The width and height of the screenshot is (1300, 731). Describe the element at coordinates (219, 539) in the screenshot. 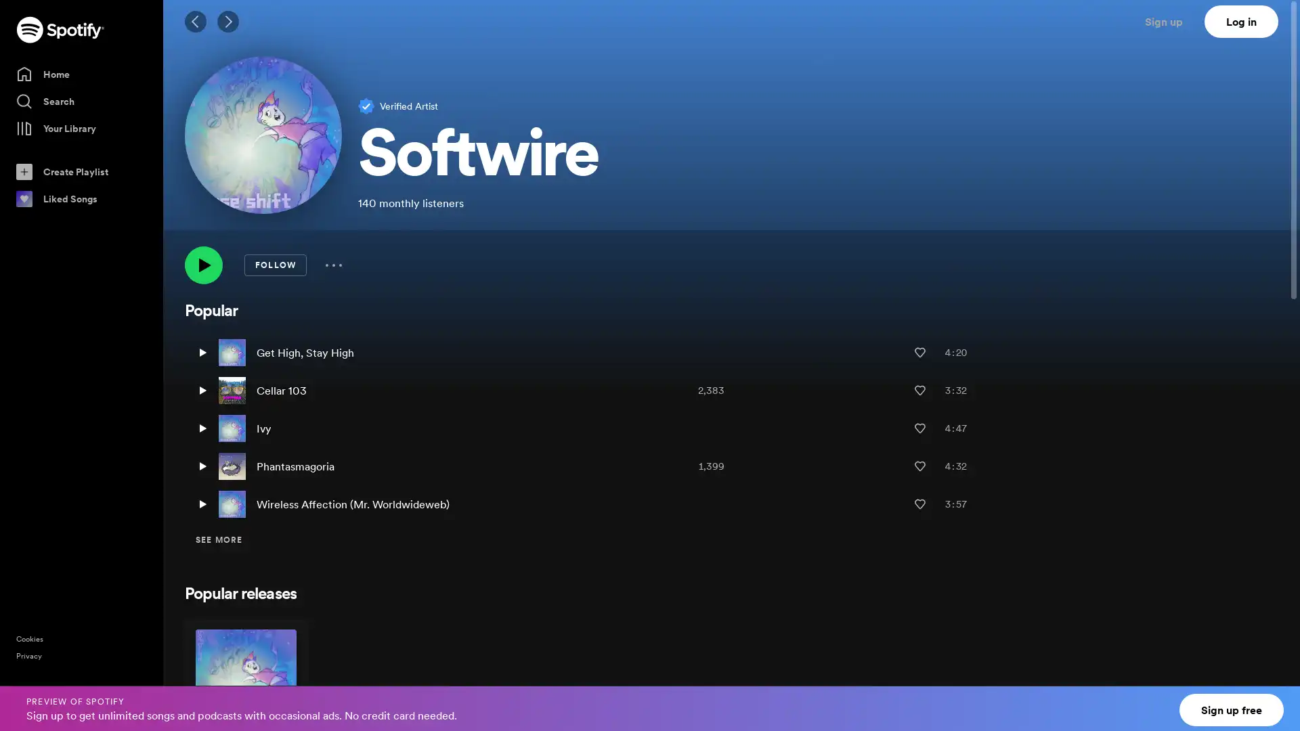

I see `SEE MORE` at that location.